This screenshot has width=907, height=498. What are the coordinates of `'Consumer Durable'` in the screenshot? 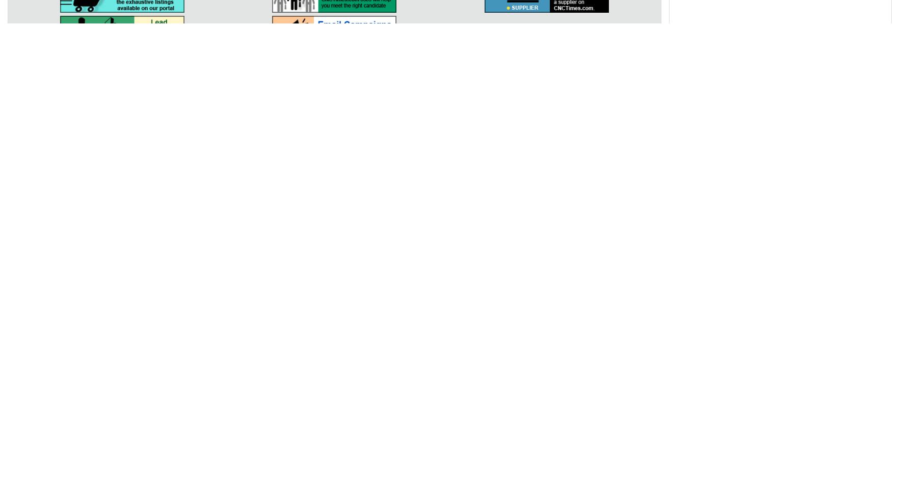 It's located at (643, 197).